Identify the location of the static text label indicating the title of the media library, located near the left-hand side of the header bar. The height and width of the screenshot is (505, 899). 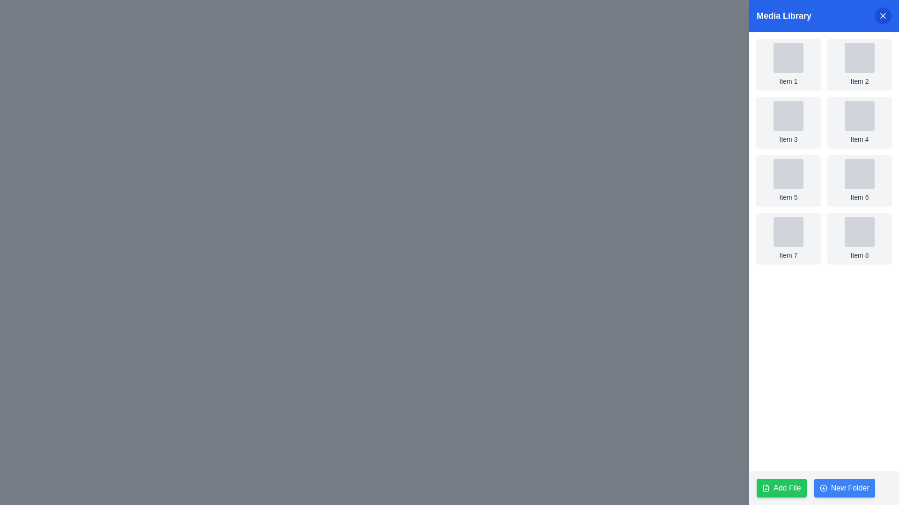
(784, 16).